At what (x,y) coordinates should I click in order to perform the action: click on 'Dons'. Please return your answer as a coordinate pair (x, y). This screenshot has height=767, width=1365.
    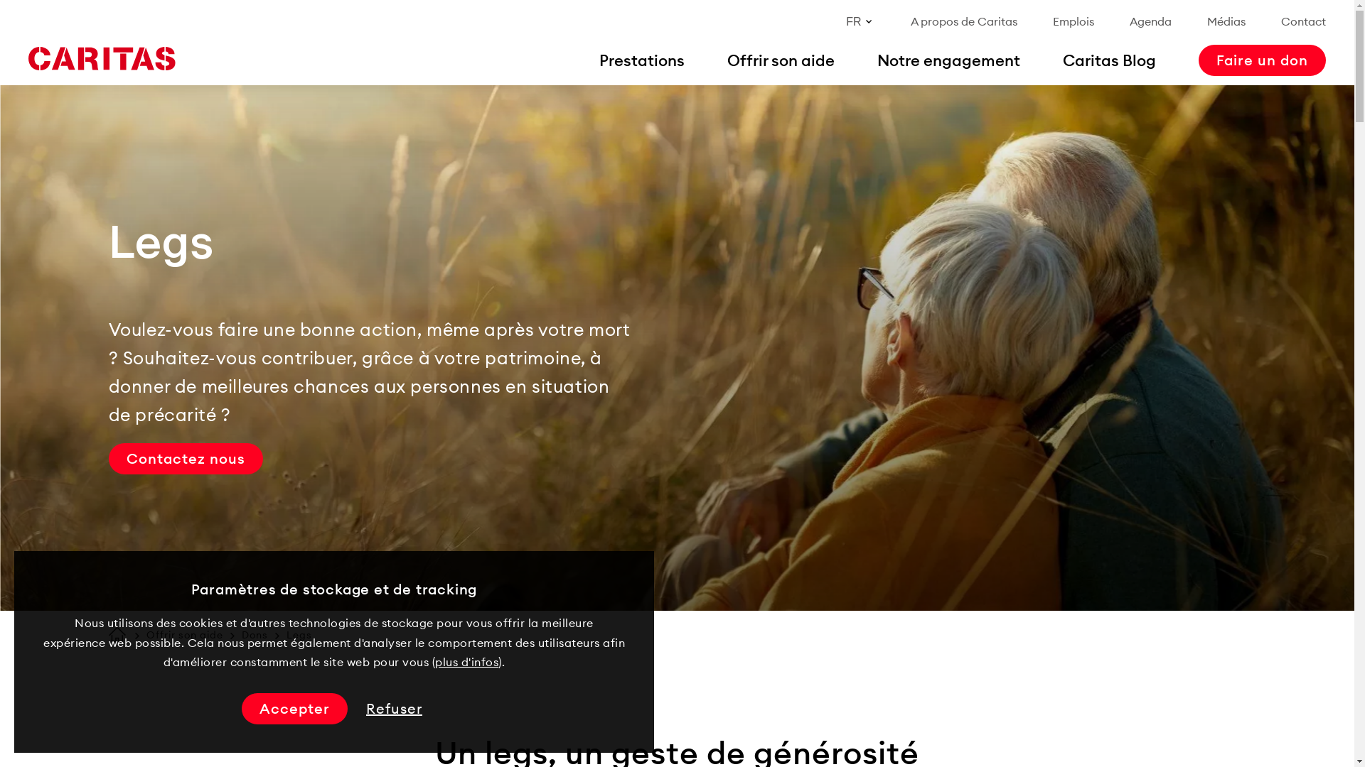
    Looking at the image, I should click on (255, 634).